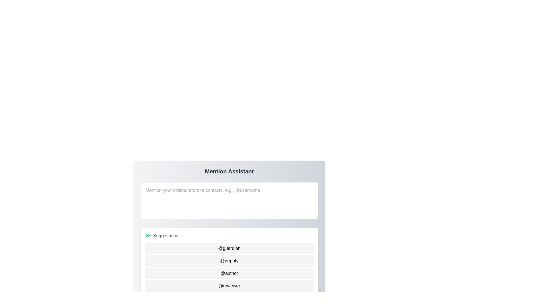 This screenshot has height=307, width=546. What do you see at coordinates (229, 286) in the screenshot?
I see `on the '@reviewer' interactive label located in the suggestions list at the fourth position, which changes color on hover` at bounding box center [229, 286].